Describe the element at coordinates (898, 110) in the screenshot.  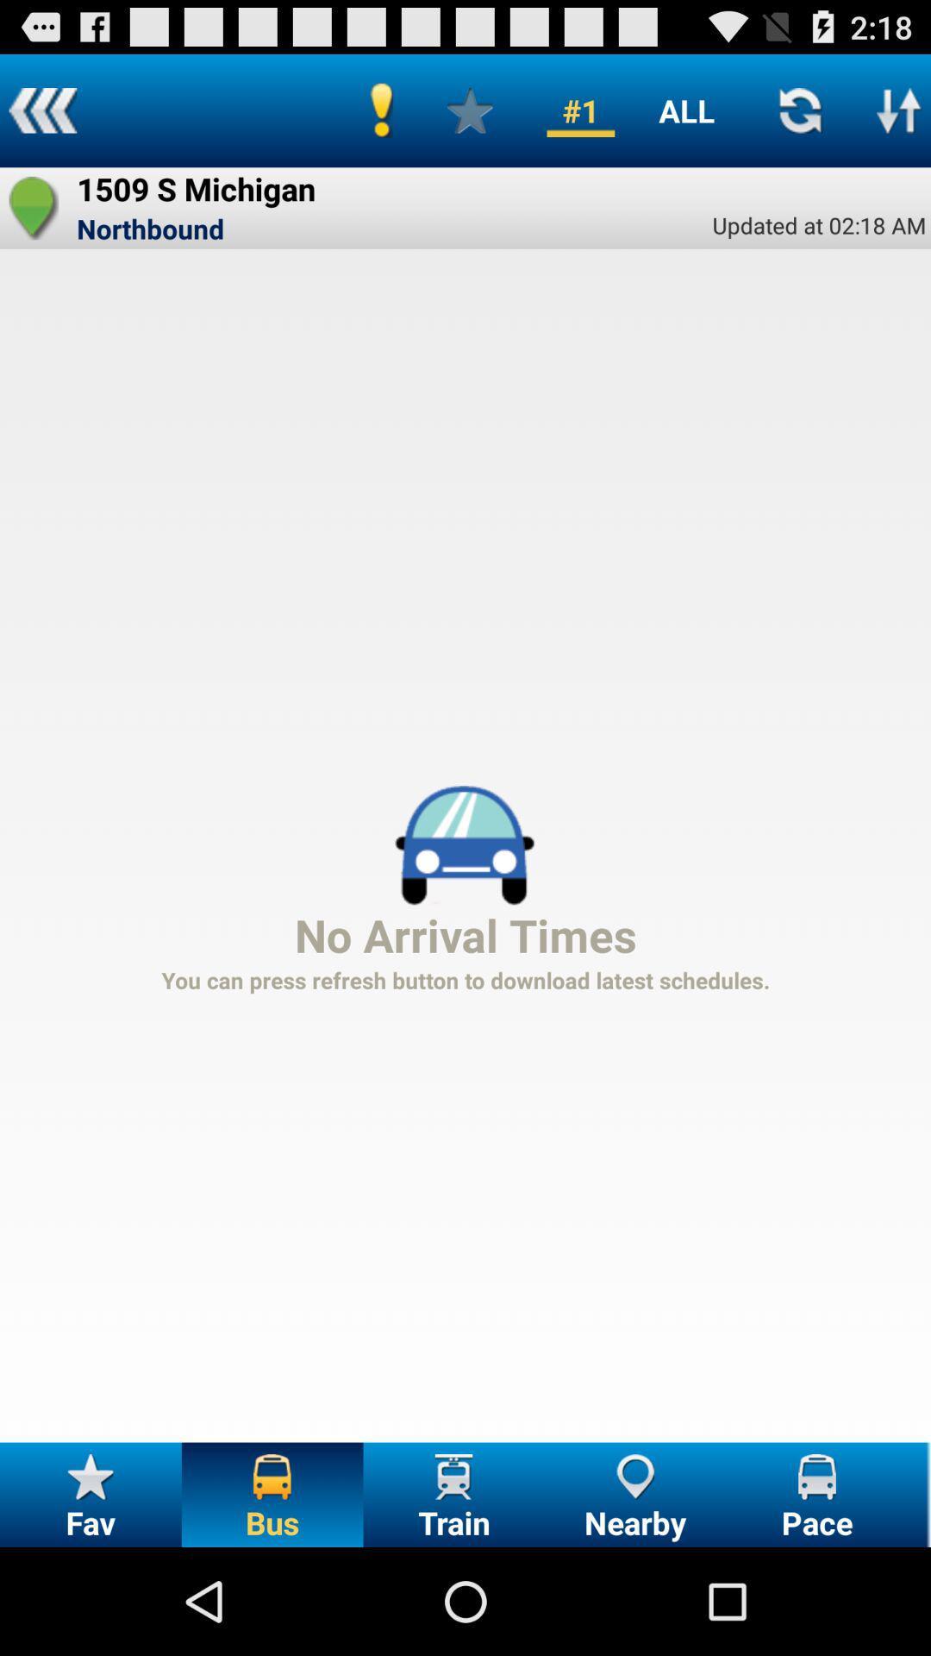
I see `order page` at that location.